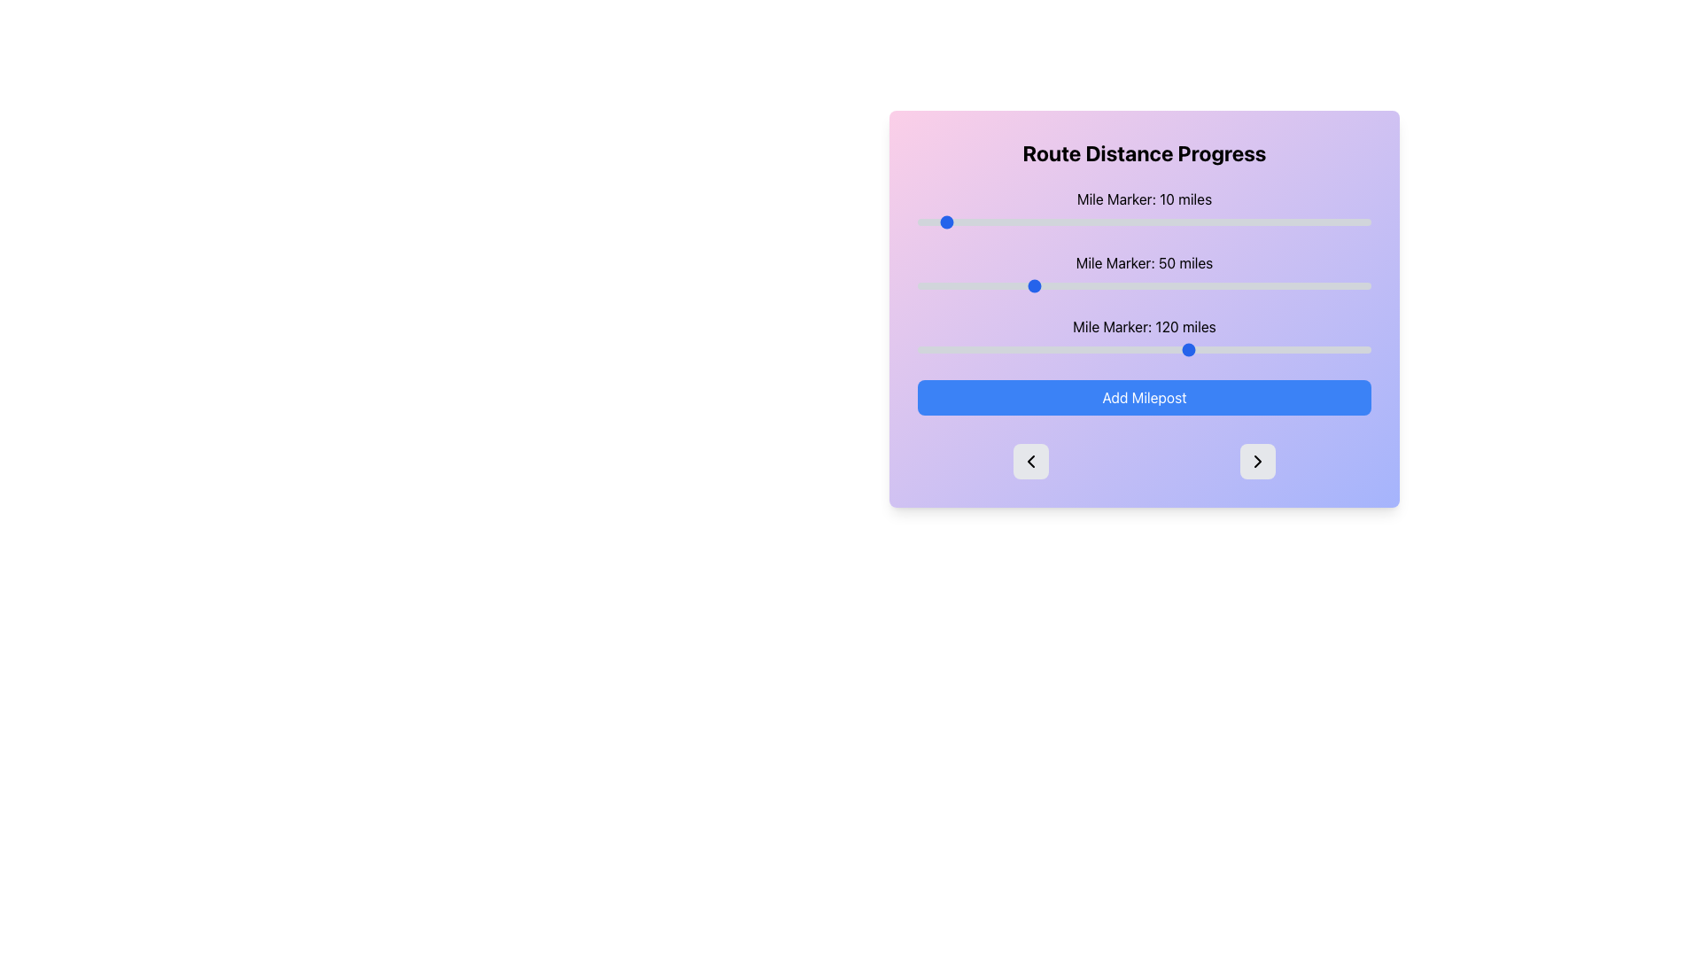  I want to click on the rectangular button with a rounded rectangle shape and a right-facing black chevron icon, located at the bottom-right area of the 'Route Distance Progress' box, so click(1257, 460).